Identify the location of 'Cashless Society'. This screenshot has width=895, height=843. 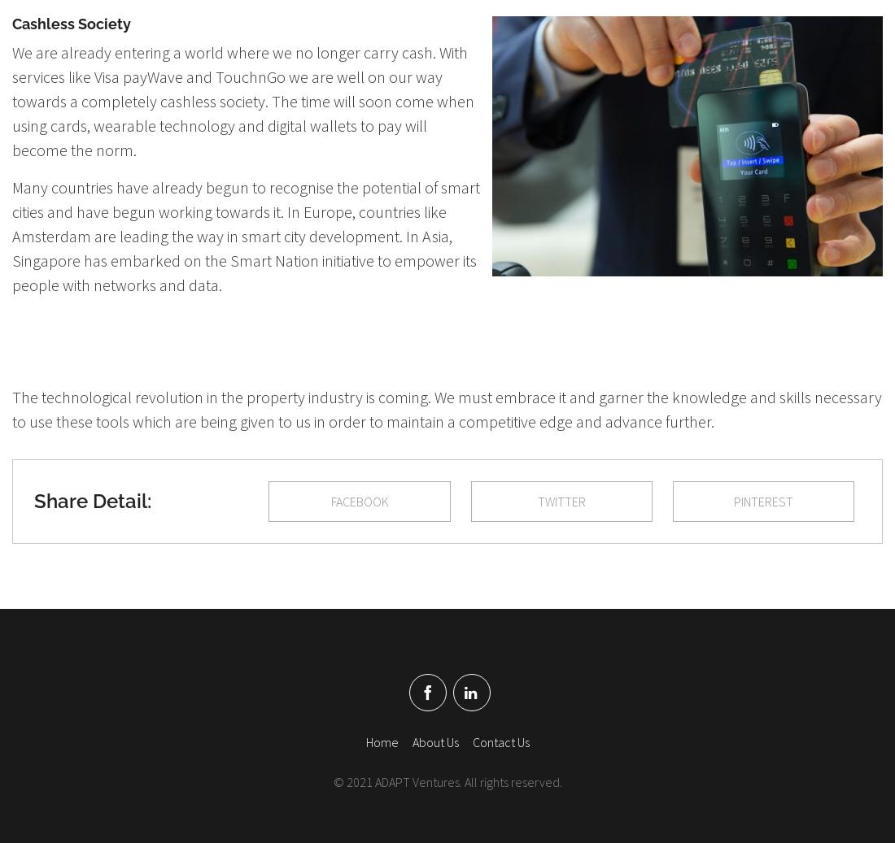
(72, 23).